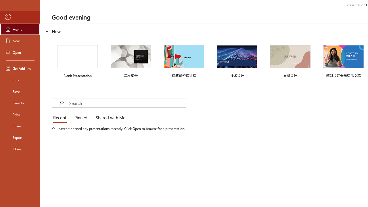 Image resolution: width=368 pixels, height=207 pixels. I want to click on 'Get Add-ins', so click(20, 68).